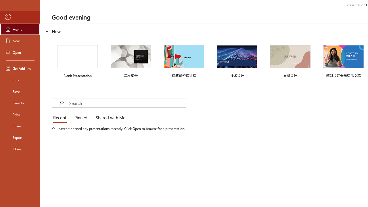 Image resolution: width=368 pixels, height=207 pixels. I want to click on 'Get Add-ins', so click(20, 68).